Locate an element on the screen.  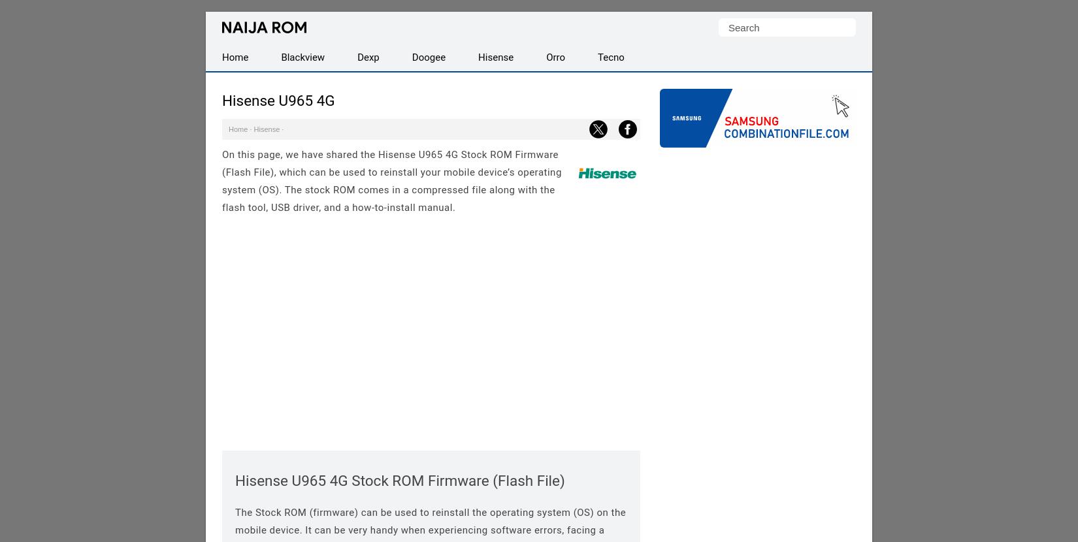
'Tecno' is located at coordinates (611, 57).